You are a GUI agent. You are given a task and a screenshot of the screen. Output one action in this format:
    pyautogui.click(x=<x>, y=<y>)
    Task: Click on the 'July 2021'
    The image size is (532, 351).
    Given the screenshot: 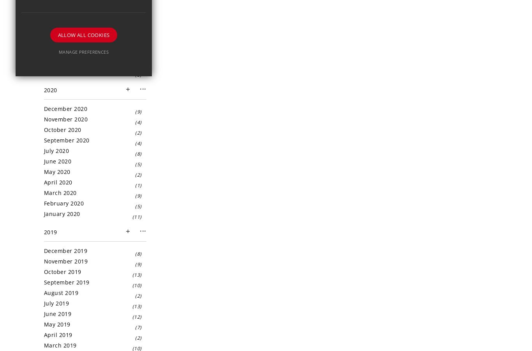 What is the action you would take?
    pyautogui.click(x=56, y=8)
    